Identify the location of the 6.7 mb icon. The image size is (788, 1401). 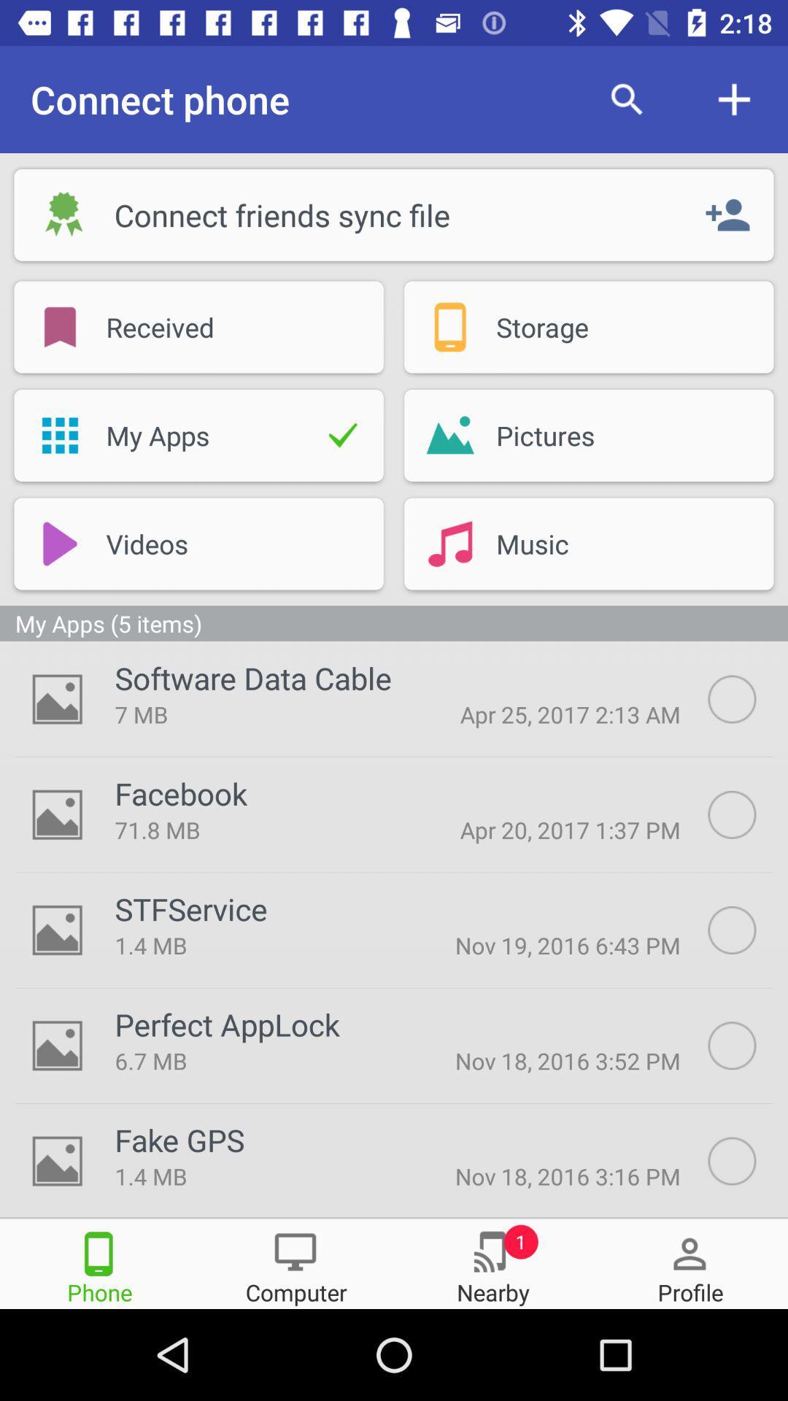
(255, 1060).